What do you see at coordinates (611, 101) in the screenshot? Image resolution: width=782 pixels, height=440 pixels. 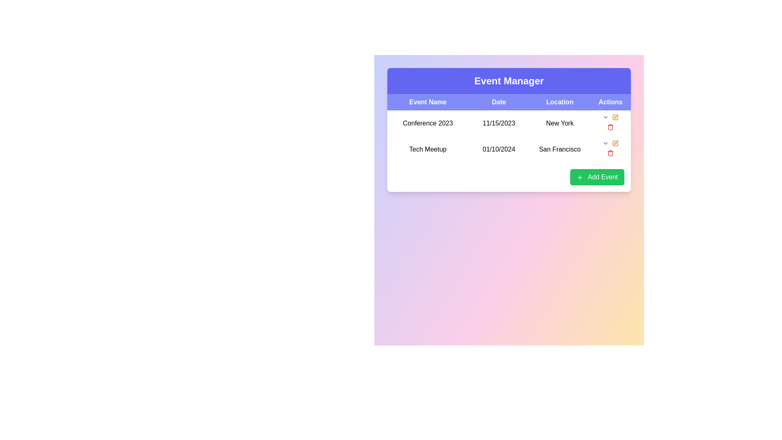 I see `the 'Actions' column header in the table, which is the fourth item in the header row` at bounding box center [611, 101].